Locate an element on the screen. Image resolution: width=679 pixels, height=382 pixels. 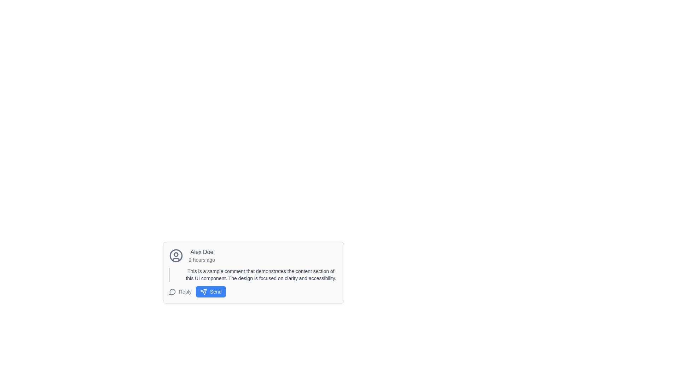
the 'Send' text label which is styled in white text over a blue background within a rounded button at the bottom of a comment box is located at coordinates (215, 292).